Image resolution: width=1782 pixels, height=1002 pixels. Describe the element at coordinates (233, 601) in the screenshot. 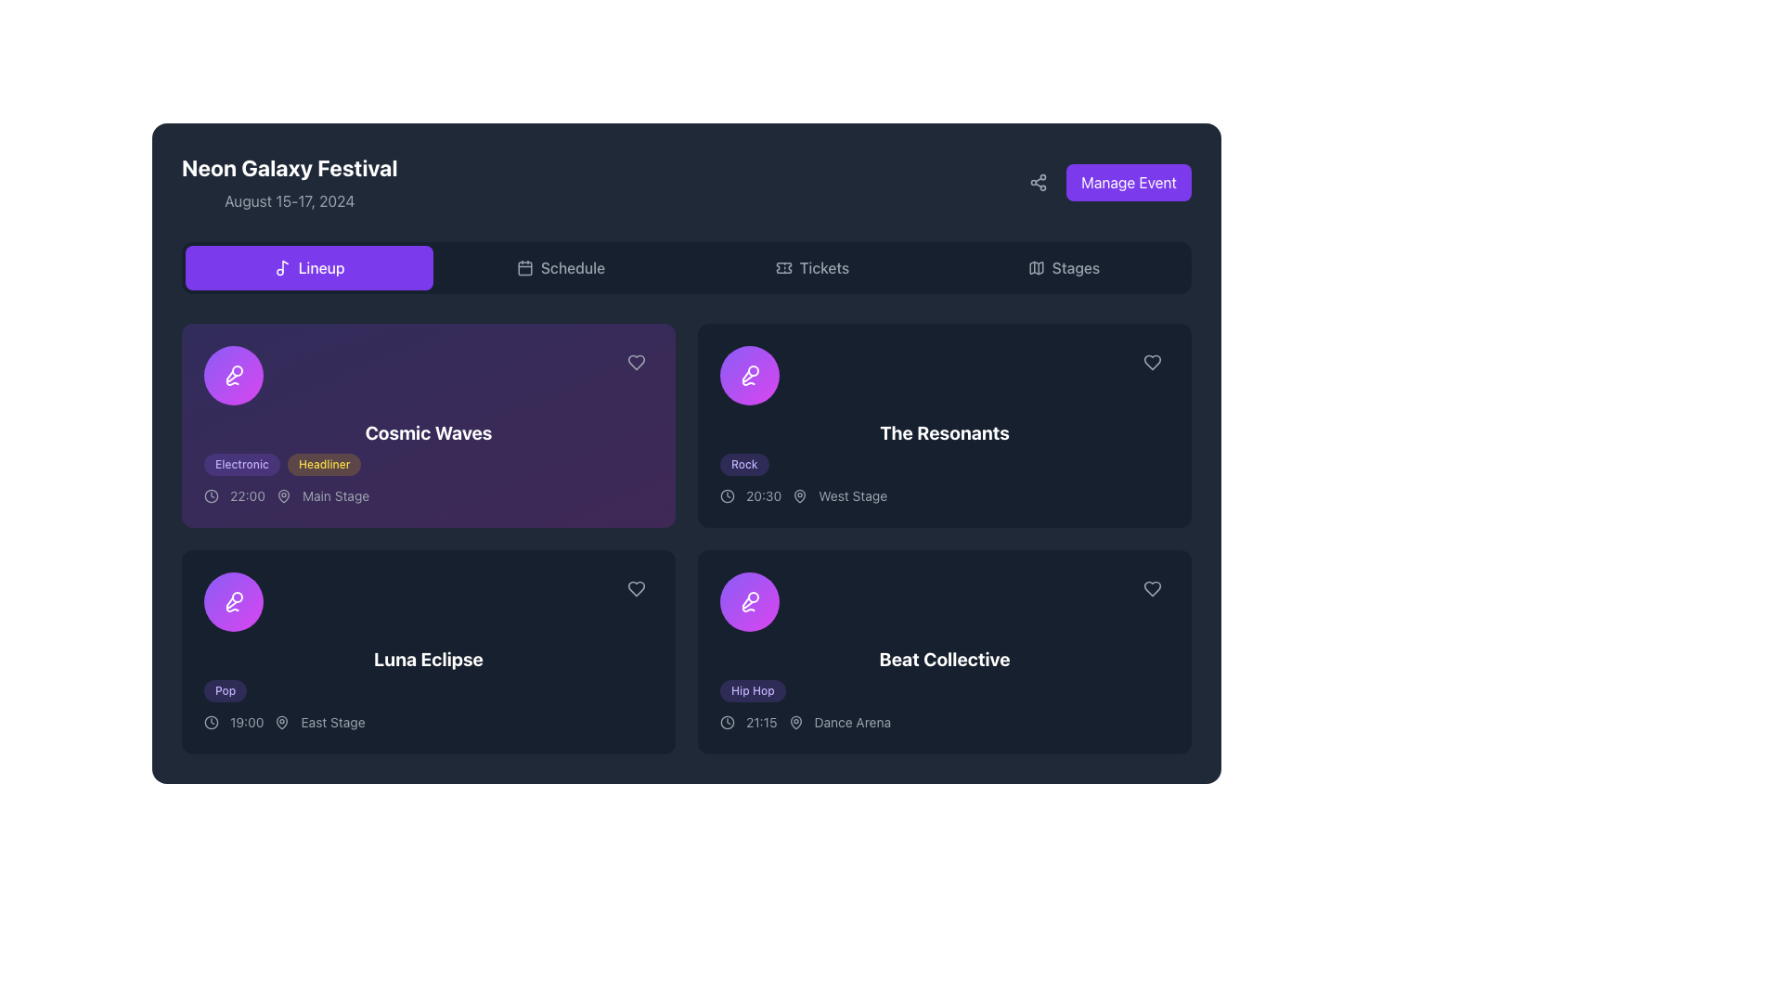

I see `the circular icon with a gradient background featuring a white microphone line art, located in the lower-left card under the 'Lineup' section, left of the 'Luna Eclipse' title` at that location.